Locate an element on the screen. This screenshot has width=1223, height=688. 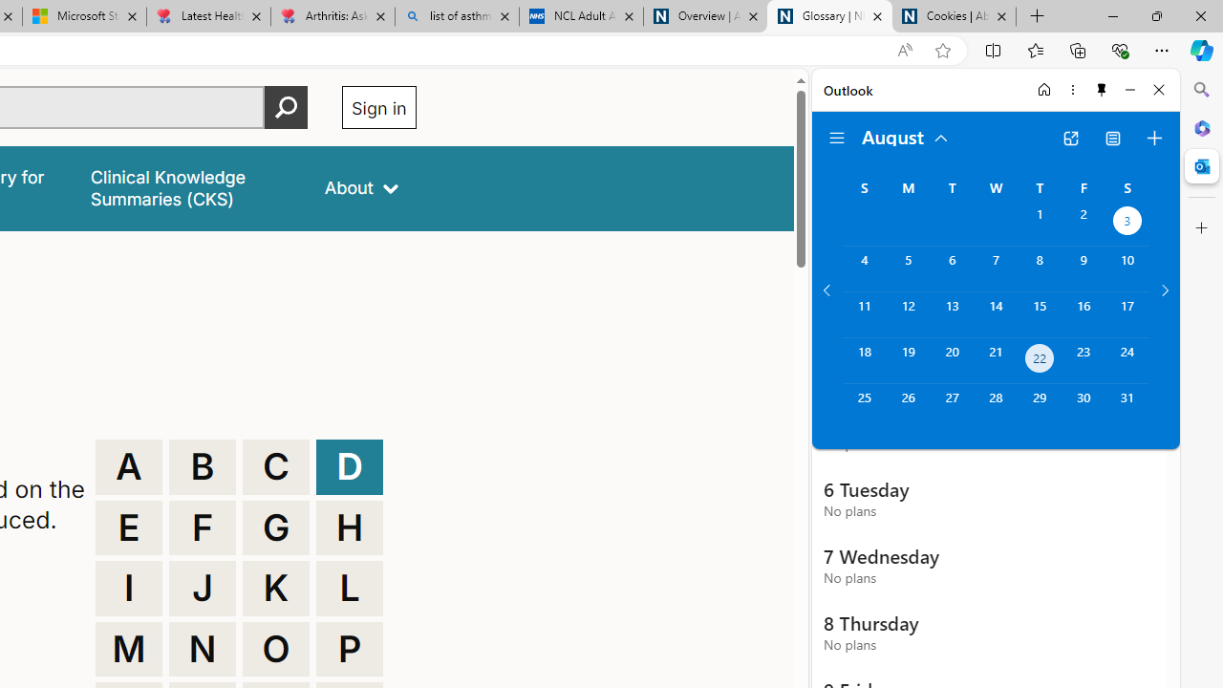
'E' is located at coordinates (128, 527).